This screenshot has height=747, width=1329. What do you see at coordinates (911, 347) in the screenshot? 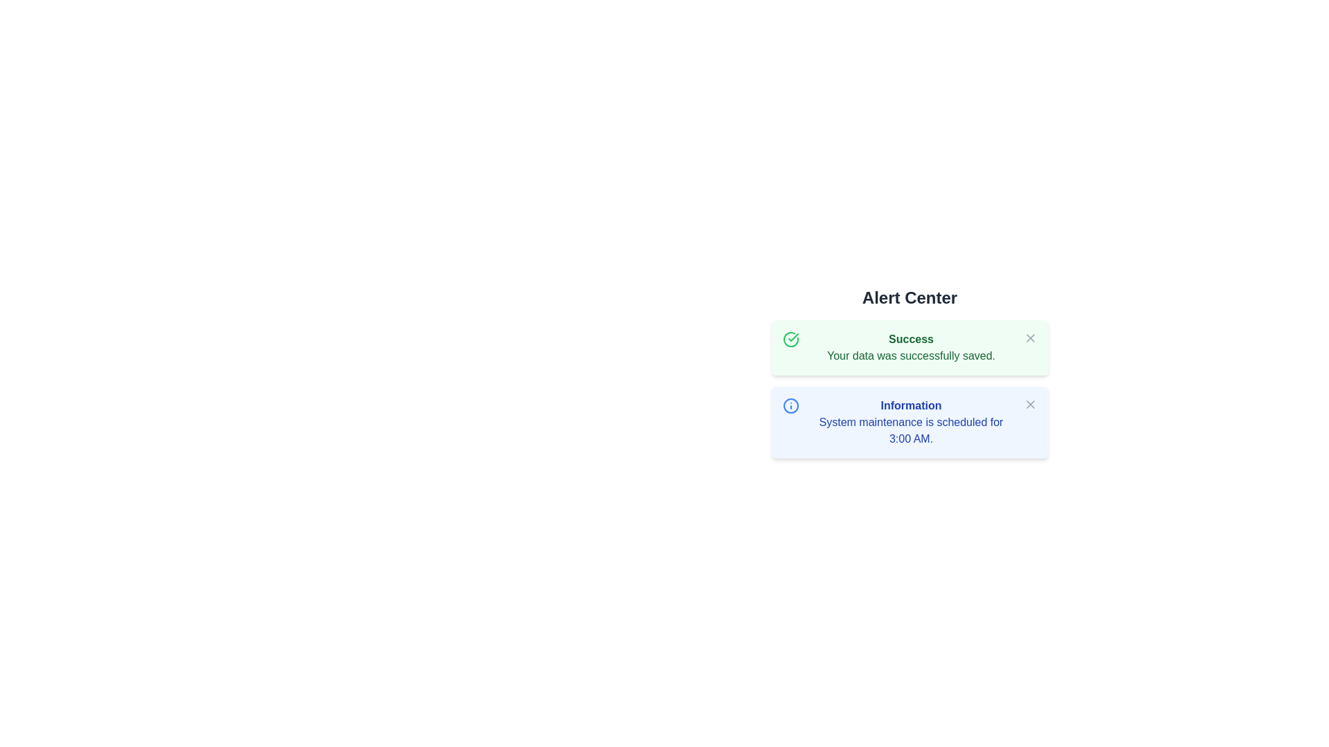
I see `the 'Success' notification text display that indicates data was saved, located within the green notification box at the top of the Alert Center section` at bounding box center [911, 347].